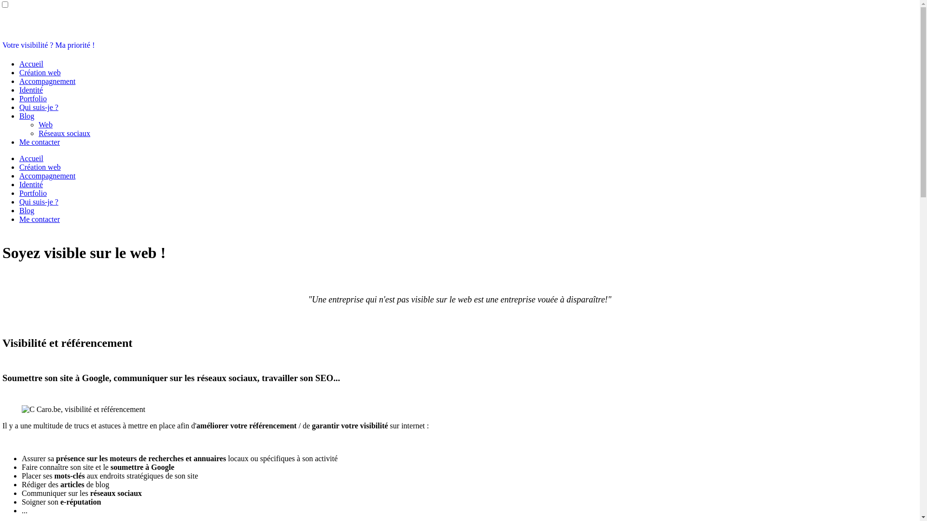 This screenshot has width=927, height=521. I want to click on 'Me contacter', so click(39, 142).